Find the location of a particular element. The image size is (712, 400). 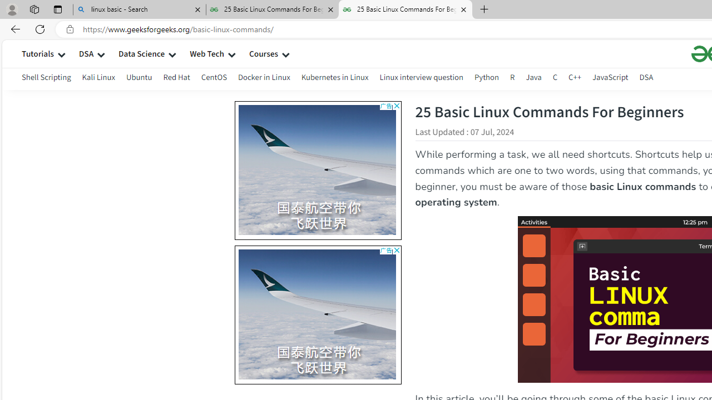

'CentOS' is located at coordinates (214, 78).